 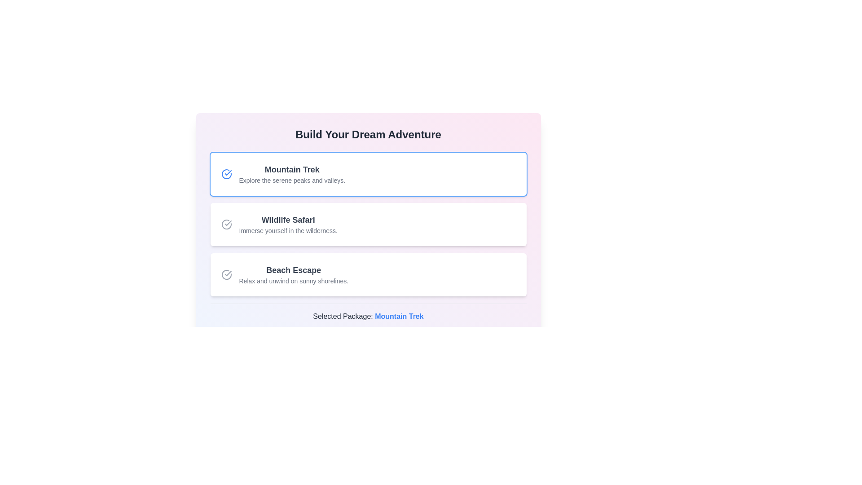 What do you see at coordinates (288, 224) in the screenshot?
I see `descriptive text block for the 'Wildlife Safari' option located centrally in the second card of the selection cards` at bounding box center [288, 224].